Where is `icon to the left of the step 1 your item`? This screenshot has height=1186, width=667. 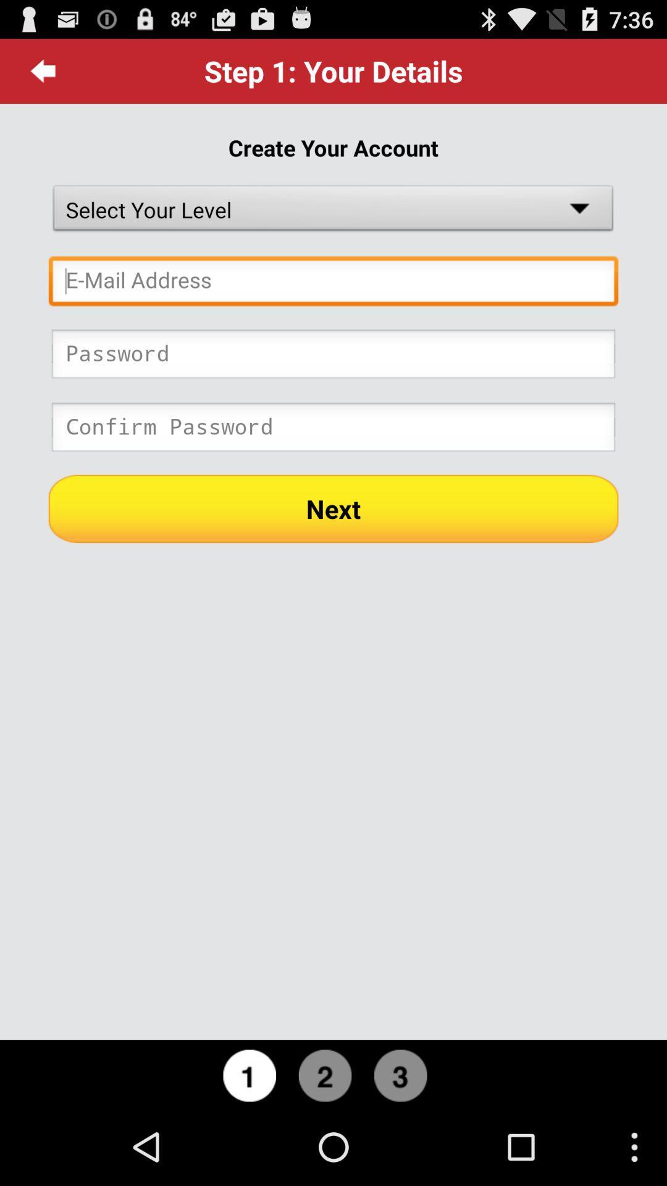
icon to the left of the step 1 your item is located at coordinates (43, 70).